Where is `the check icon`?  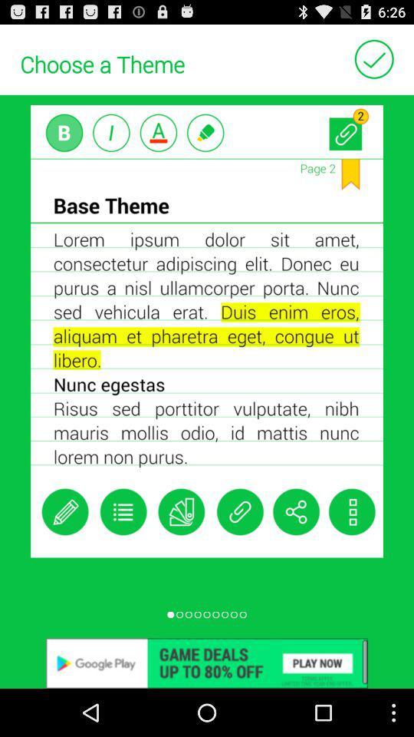
the check icon is located at coordinates (373, 63).